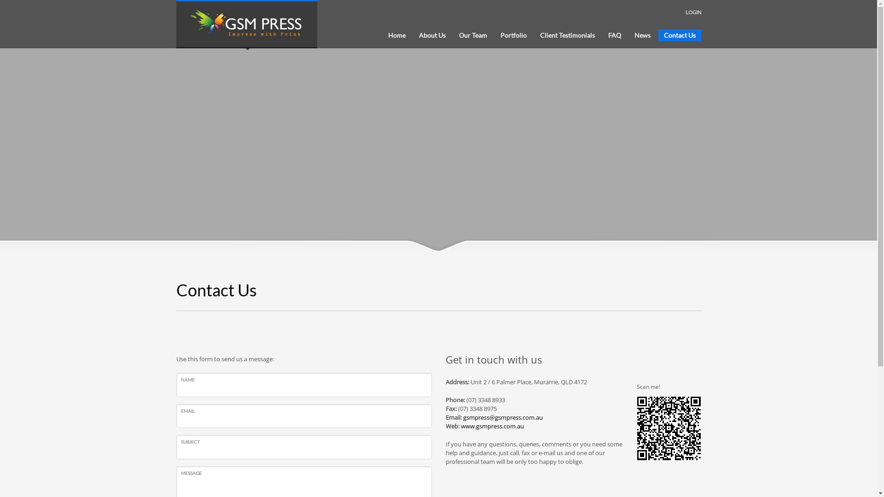 This screenshot has width=884, height=497. I want to click on 'Impress With Print', so click(247, 24).